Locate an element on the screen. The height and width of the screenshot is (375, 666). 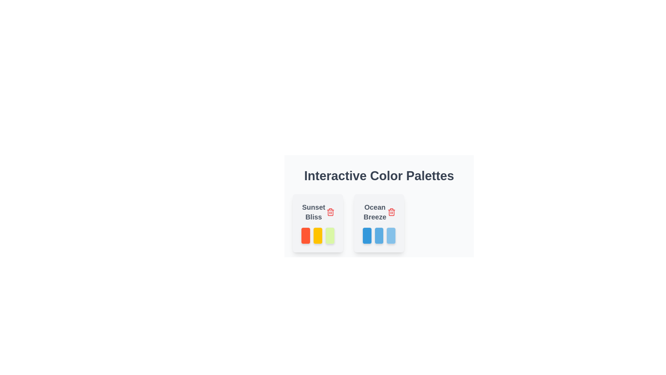
the third color tile in the 'Sunset Bliss' palette, which serves as a color indicator is located at coordinates (330, 235).